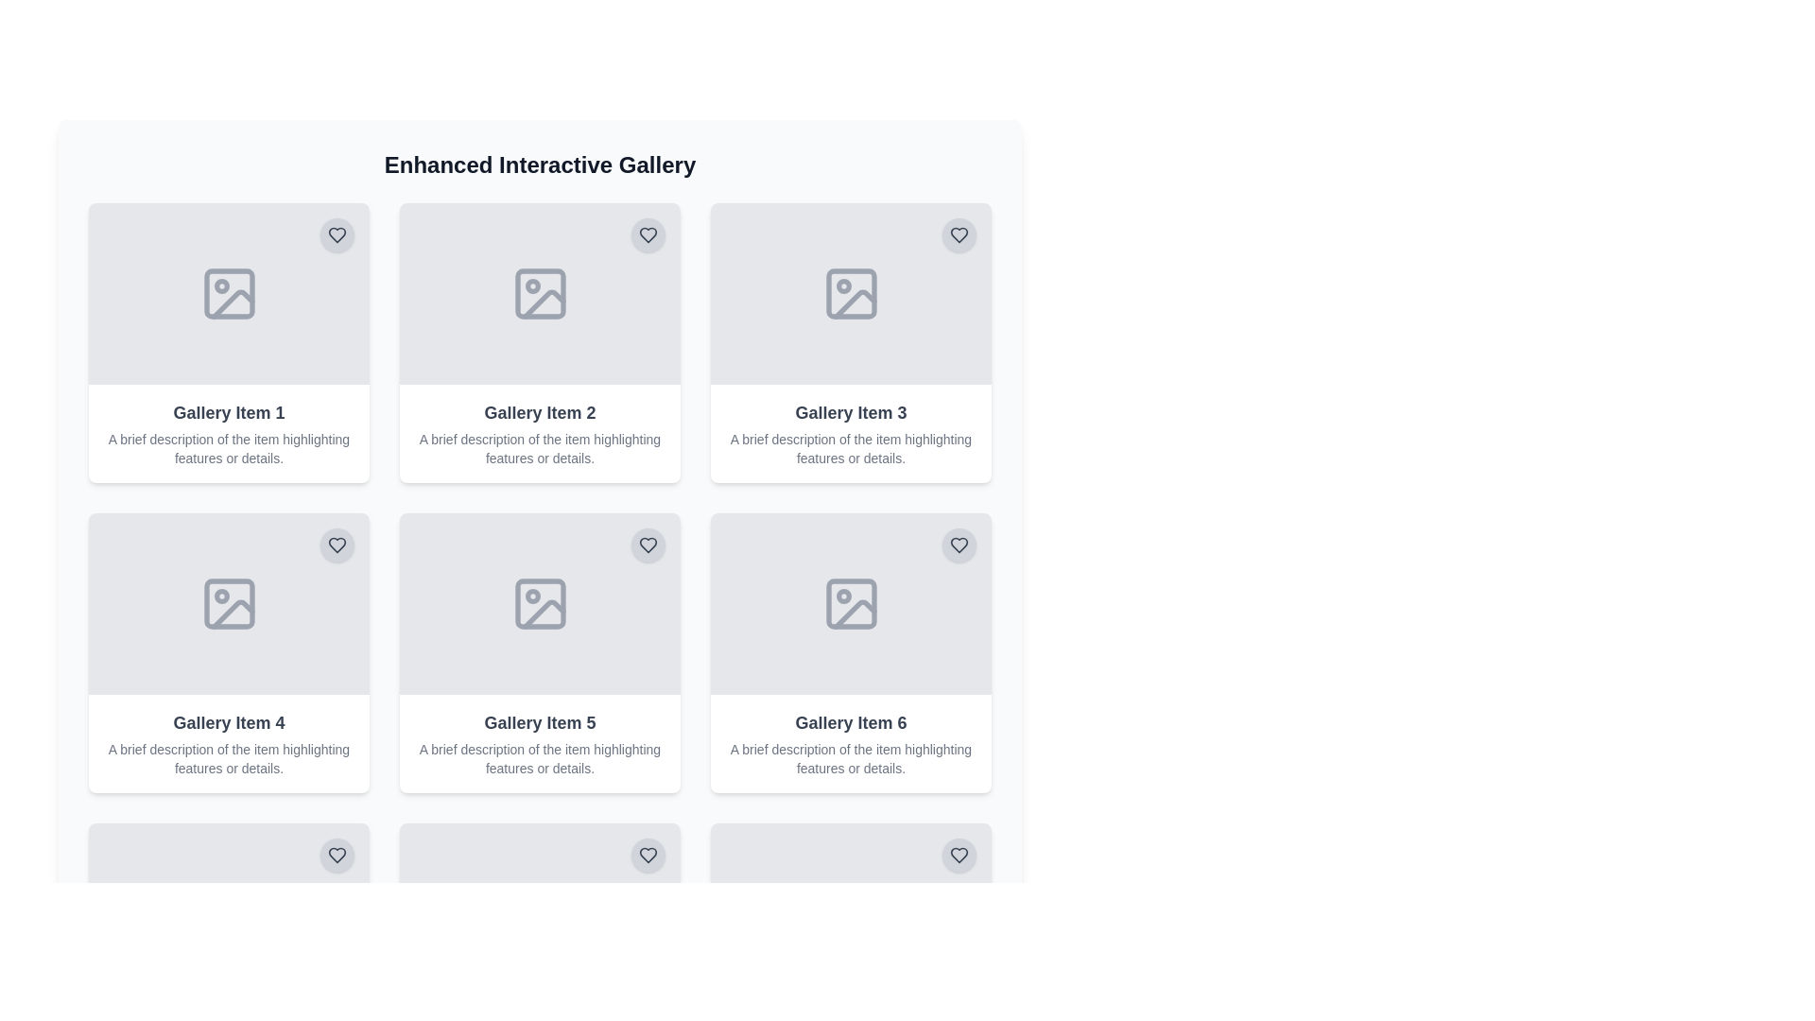 Image resolution: width=1815 pixels, height=1021 pixels. What do you see at coordinates (228, 294) in the screenshot?
I see `the Image placeholder within the card component titled 'Gallery Item 1', which features a stylized picture frame icon and a heart button in the top-right corner` at bounding box center [228, 294].